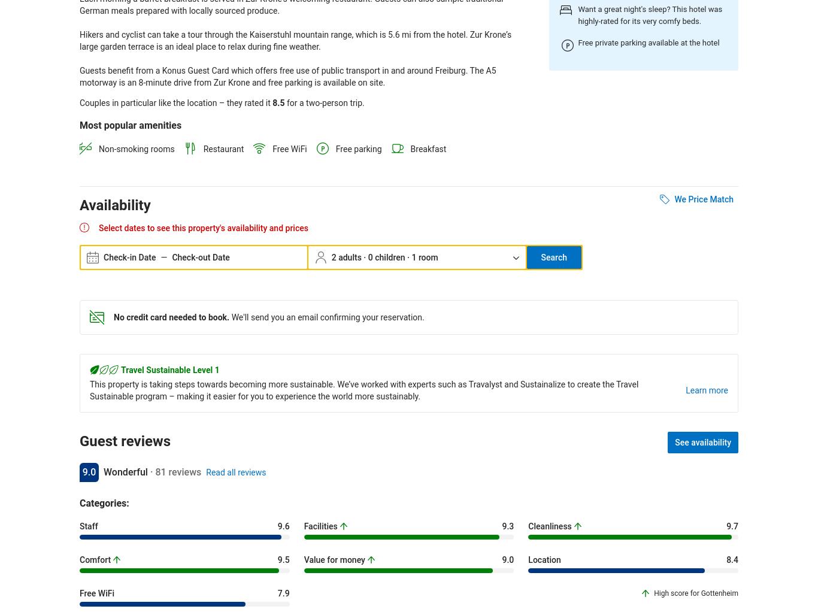 The height and width of the screenshot is (612, 818). What do you see at coordinates (178, 471) in the screenshot?
I see `'81 reviews'` at bounding box center [178, 471].